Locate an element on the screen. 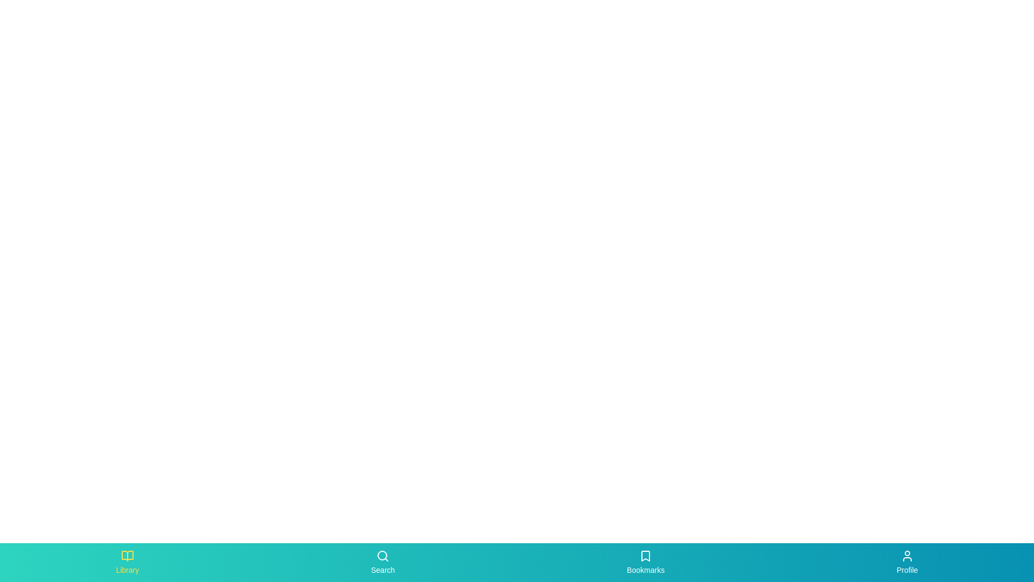  the Search tab to navigate to it is located at coordinates (383, 562).